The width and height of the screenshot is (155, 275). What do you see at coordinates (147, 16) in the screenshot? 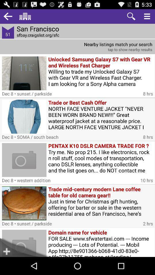
I see `expand search` at bounding box center [147, 16].